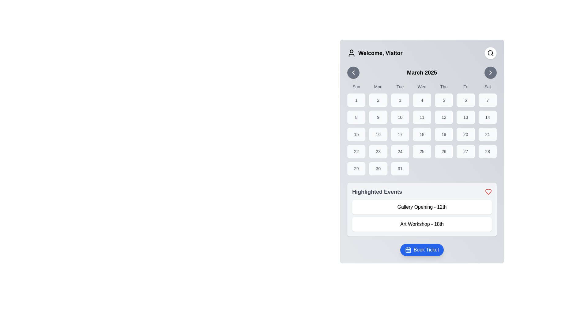 This screenshot has width=588, height=330. Describe the element at coordinates (378, 117) in the screenshot. I see `the square button with rounded corners, light gray color, and the number '9' in black font, located in the calendar grid under the 'Mon' column, second row and second column` at that location.